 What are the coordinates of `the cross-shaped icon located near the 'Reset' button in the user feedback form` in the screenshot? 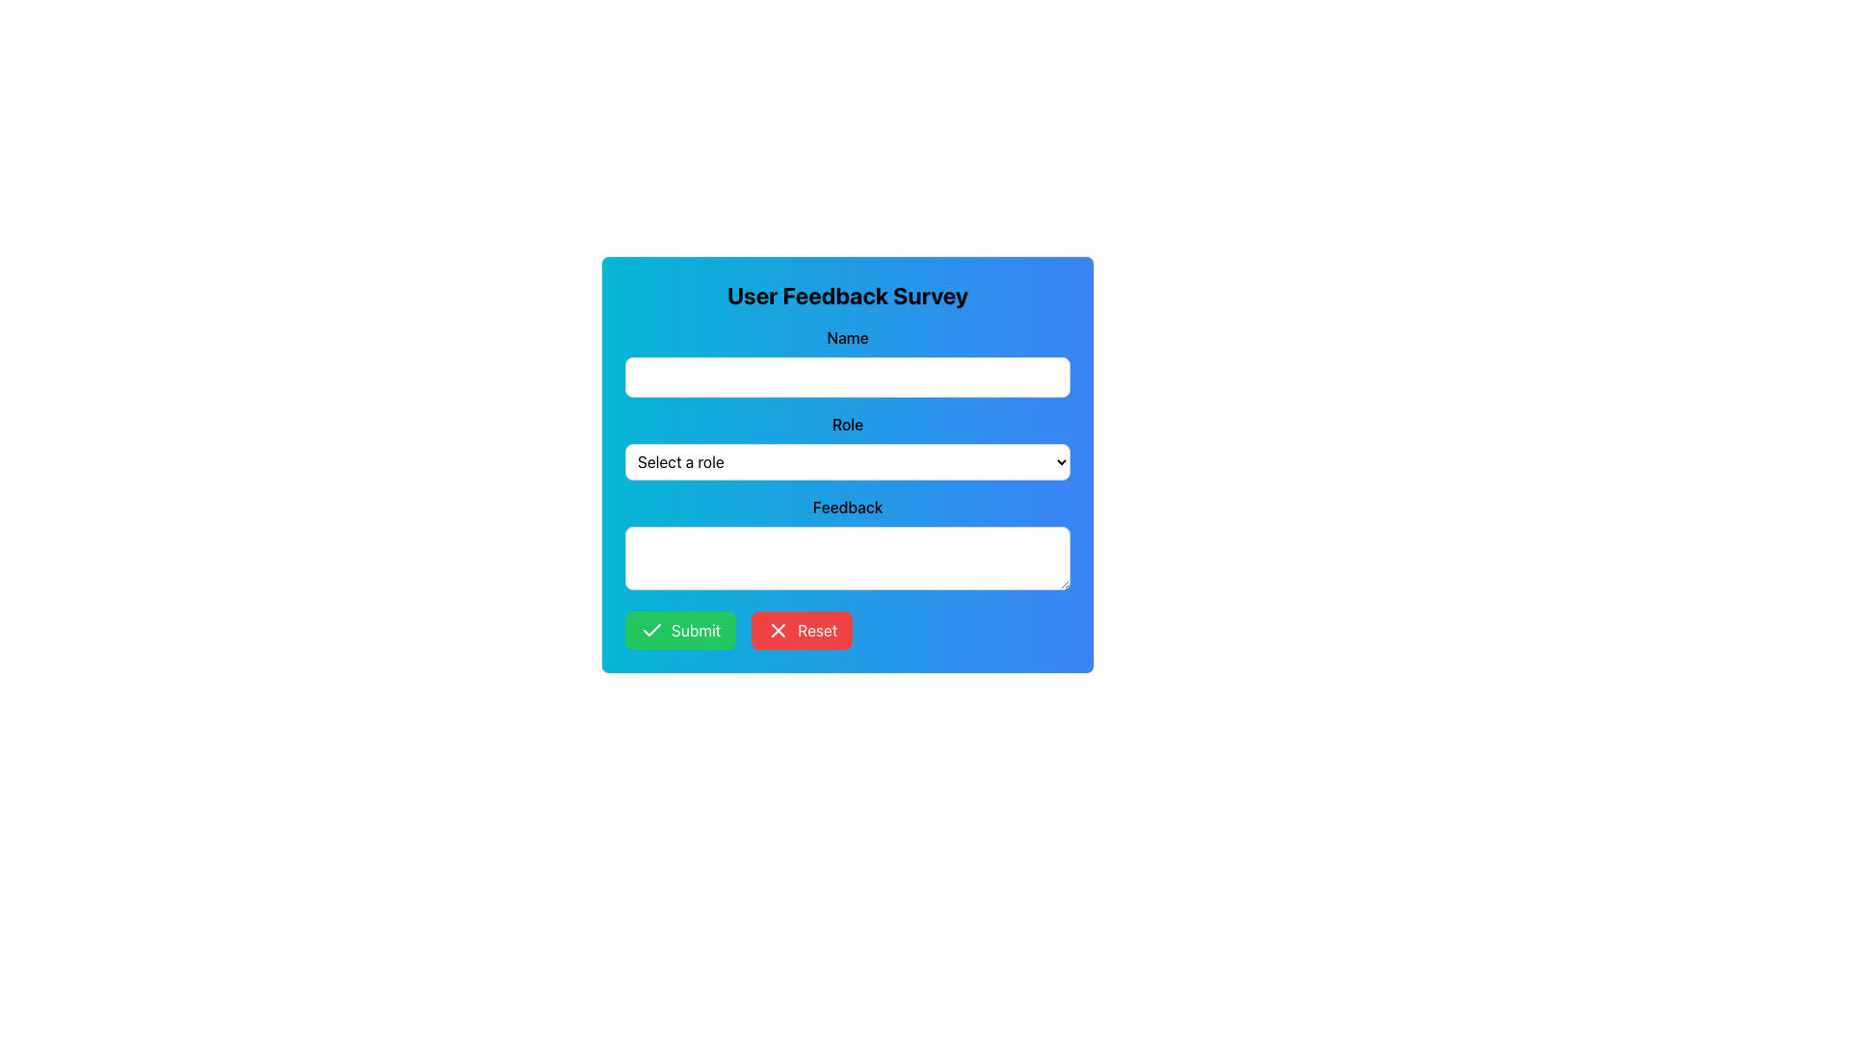 It's located at (779, 631).